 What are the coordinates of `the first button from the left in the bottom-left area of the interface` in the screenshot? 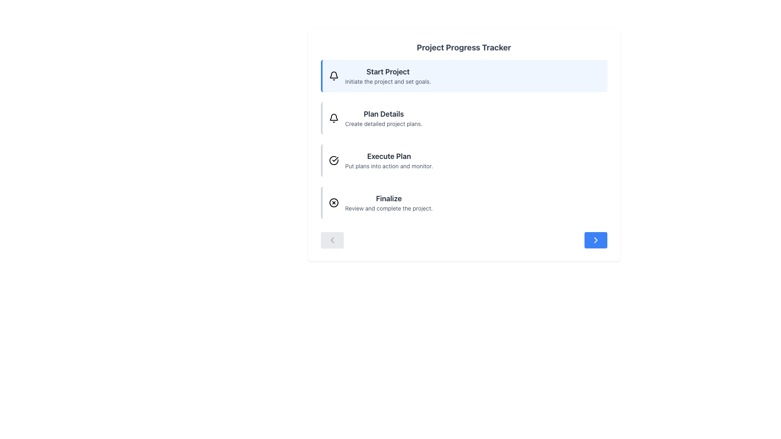 It's located at (332, 239).